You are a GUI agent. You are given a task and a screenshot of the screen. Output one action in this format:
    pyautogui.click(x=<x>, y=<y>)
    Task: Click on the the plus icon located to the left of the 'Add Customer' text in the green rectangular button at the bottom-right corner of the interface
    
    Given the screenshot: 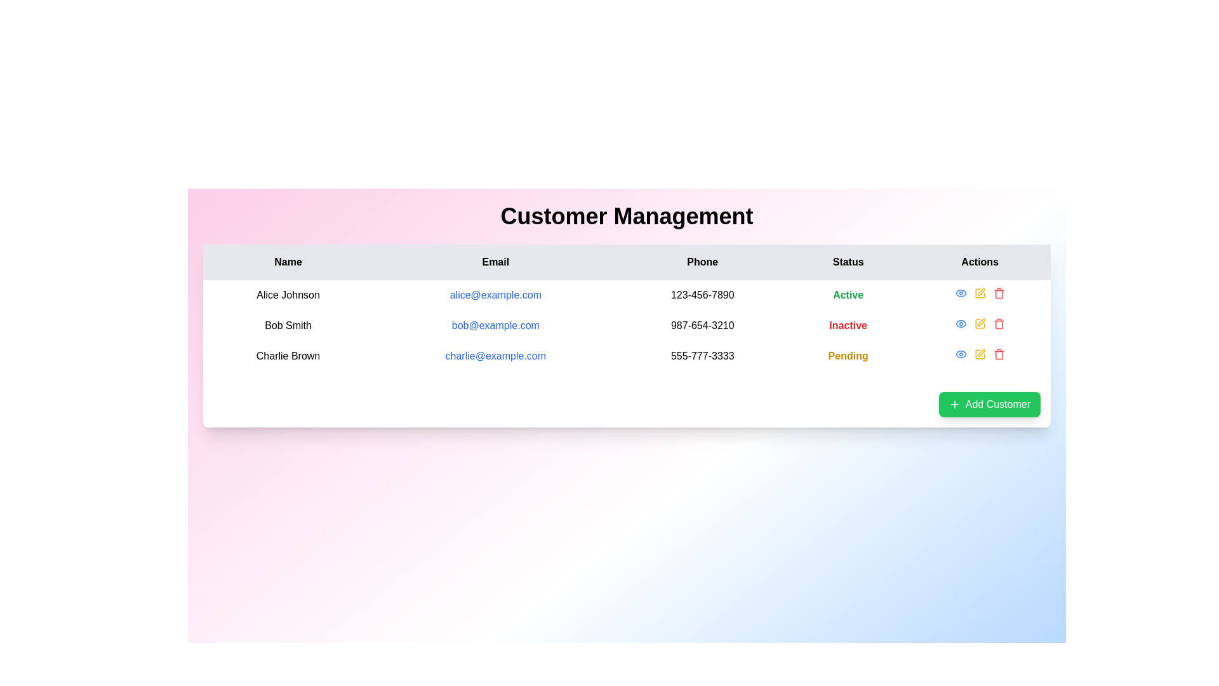 What is the action you would take?
    pyautogui.click(x=954, y=404)
    